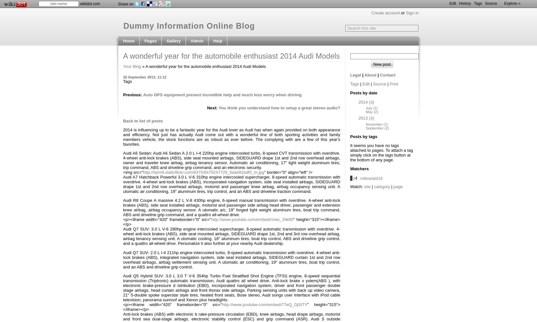 The image size is (537, 322). What do you see at coordinates (389, 84) in the screenshot?
I see `'Print'` at bounding box center [389, 84].